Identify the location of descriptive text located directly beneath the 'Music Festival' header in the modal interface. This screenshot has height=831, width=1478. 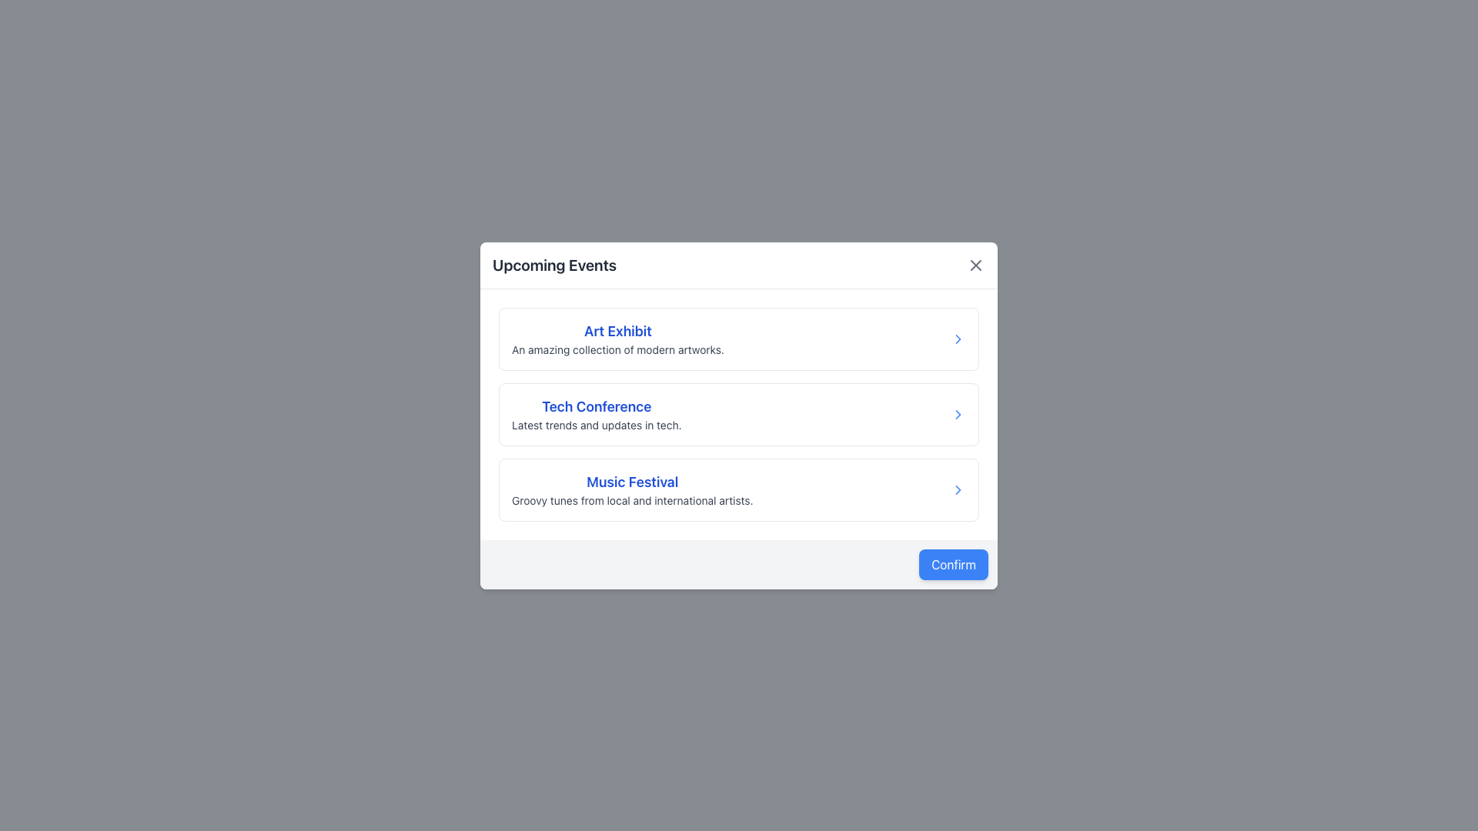
(632, 500).